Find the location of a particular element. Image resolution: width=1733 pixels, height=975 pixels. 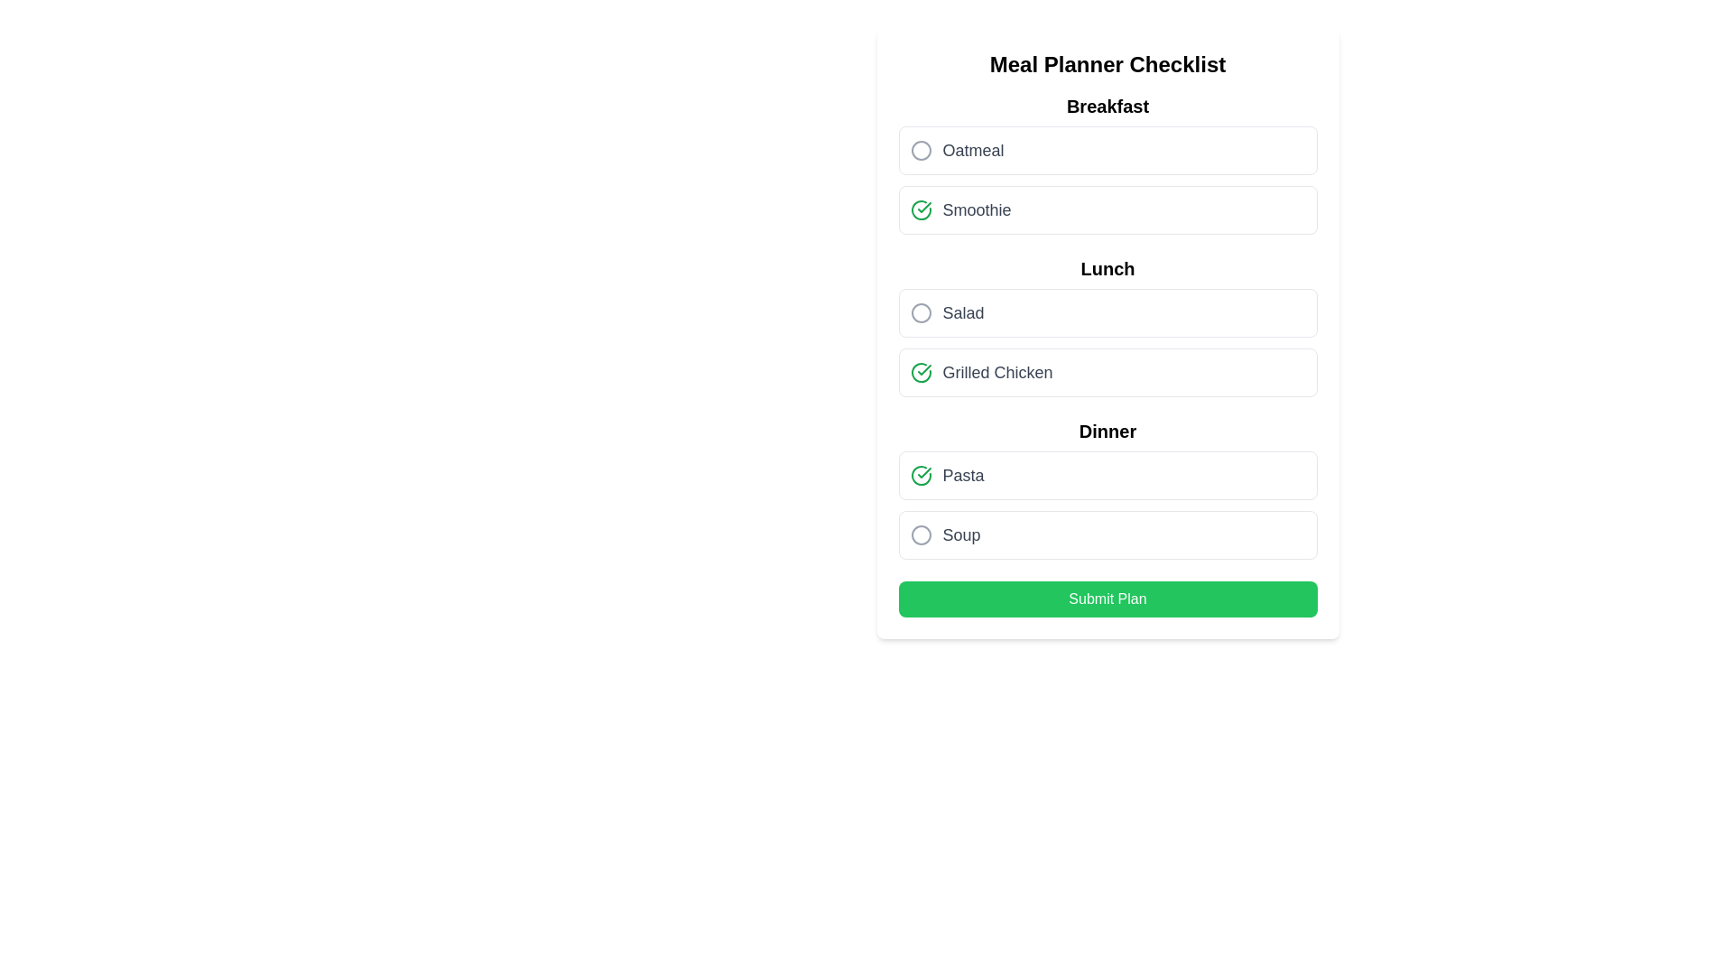

the selectable checklist item displaying 'Oatmeal' in gray font, located in the 'Breakfast' section of the checklist is located at coordinates (1107, 149).